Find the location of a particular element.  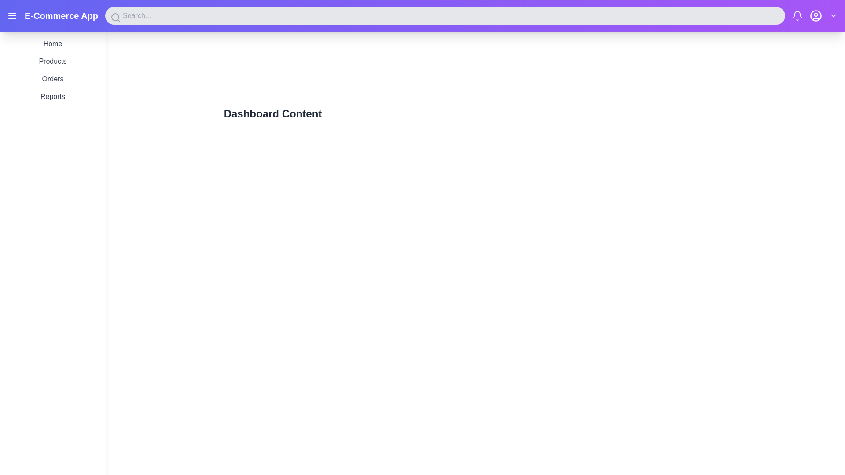

the 'Products' navigation link, which is the second item in the vertical navigation list on the left sidebar is located at coordinates (52, 61).